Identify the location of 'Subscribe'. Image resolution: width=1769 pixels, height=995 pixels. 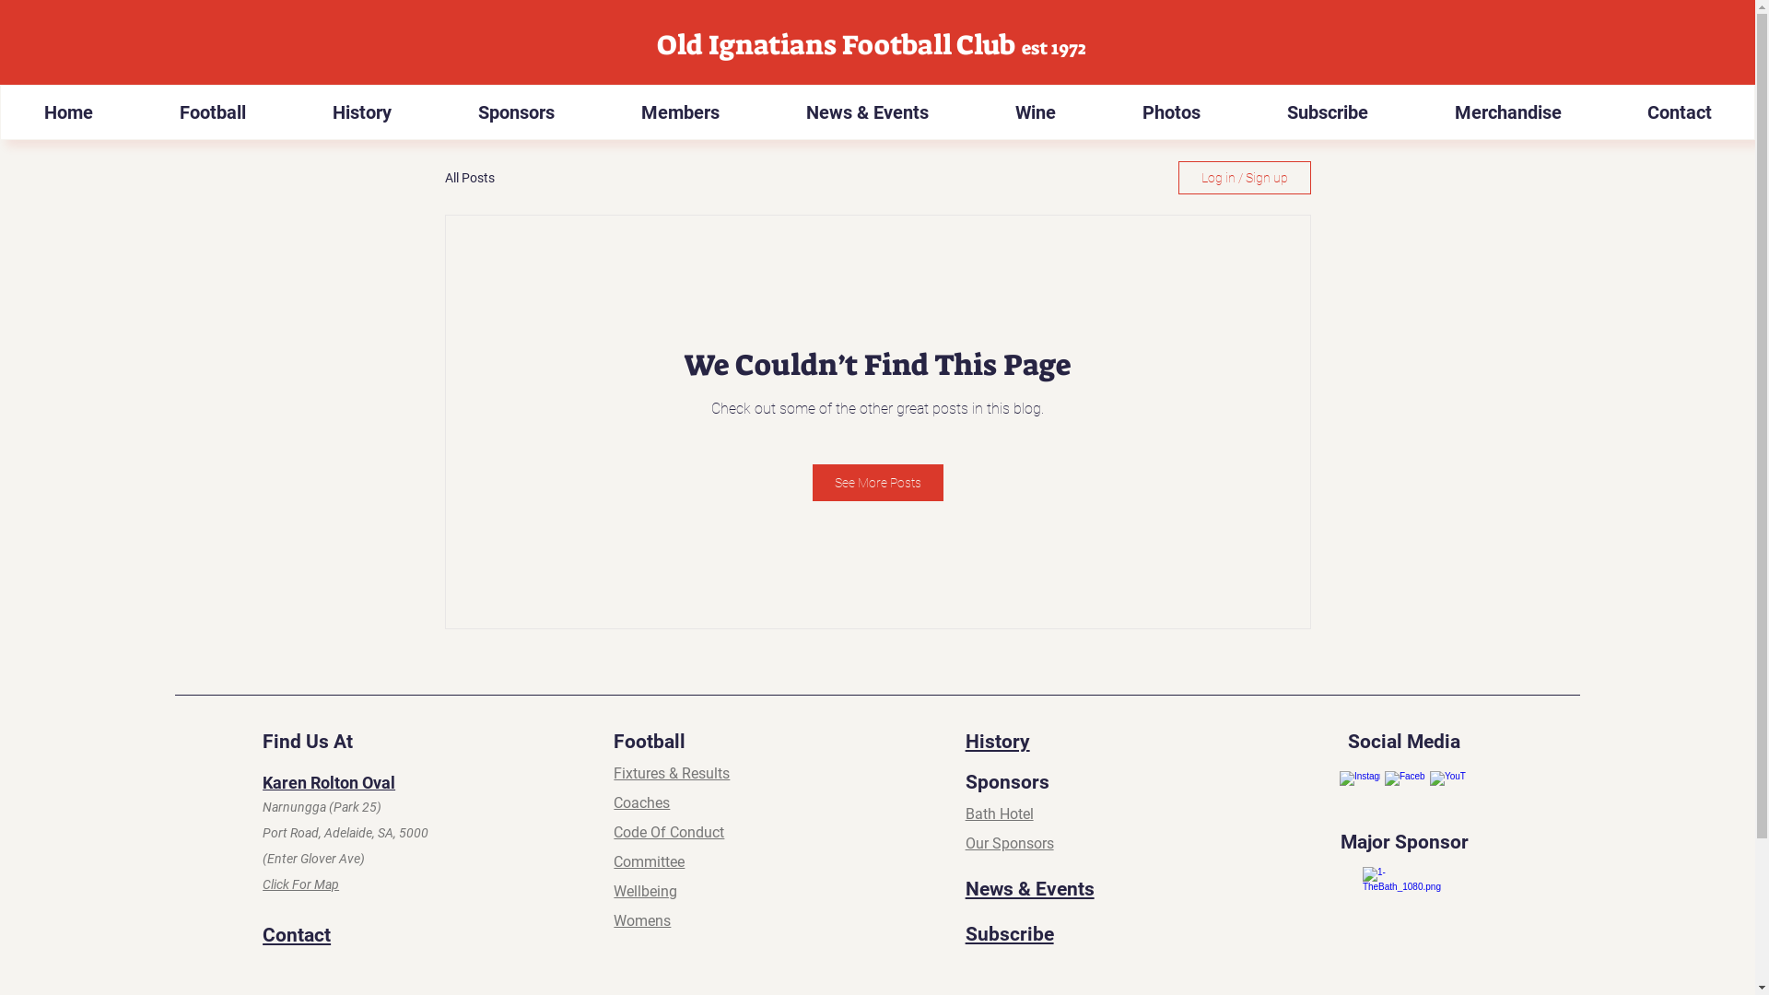
(1242, 112).